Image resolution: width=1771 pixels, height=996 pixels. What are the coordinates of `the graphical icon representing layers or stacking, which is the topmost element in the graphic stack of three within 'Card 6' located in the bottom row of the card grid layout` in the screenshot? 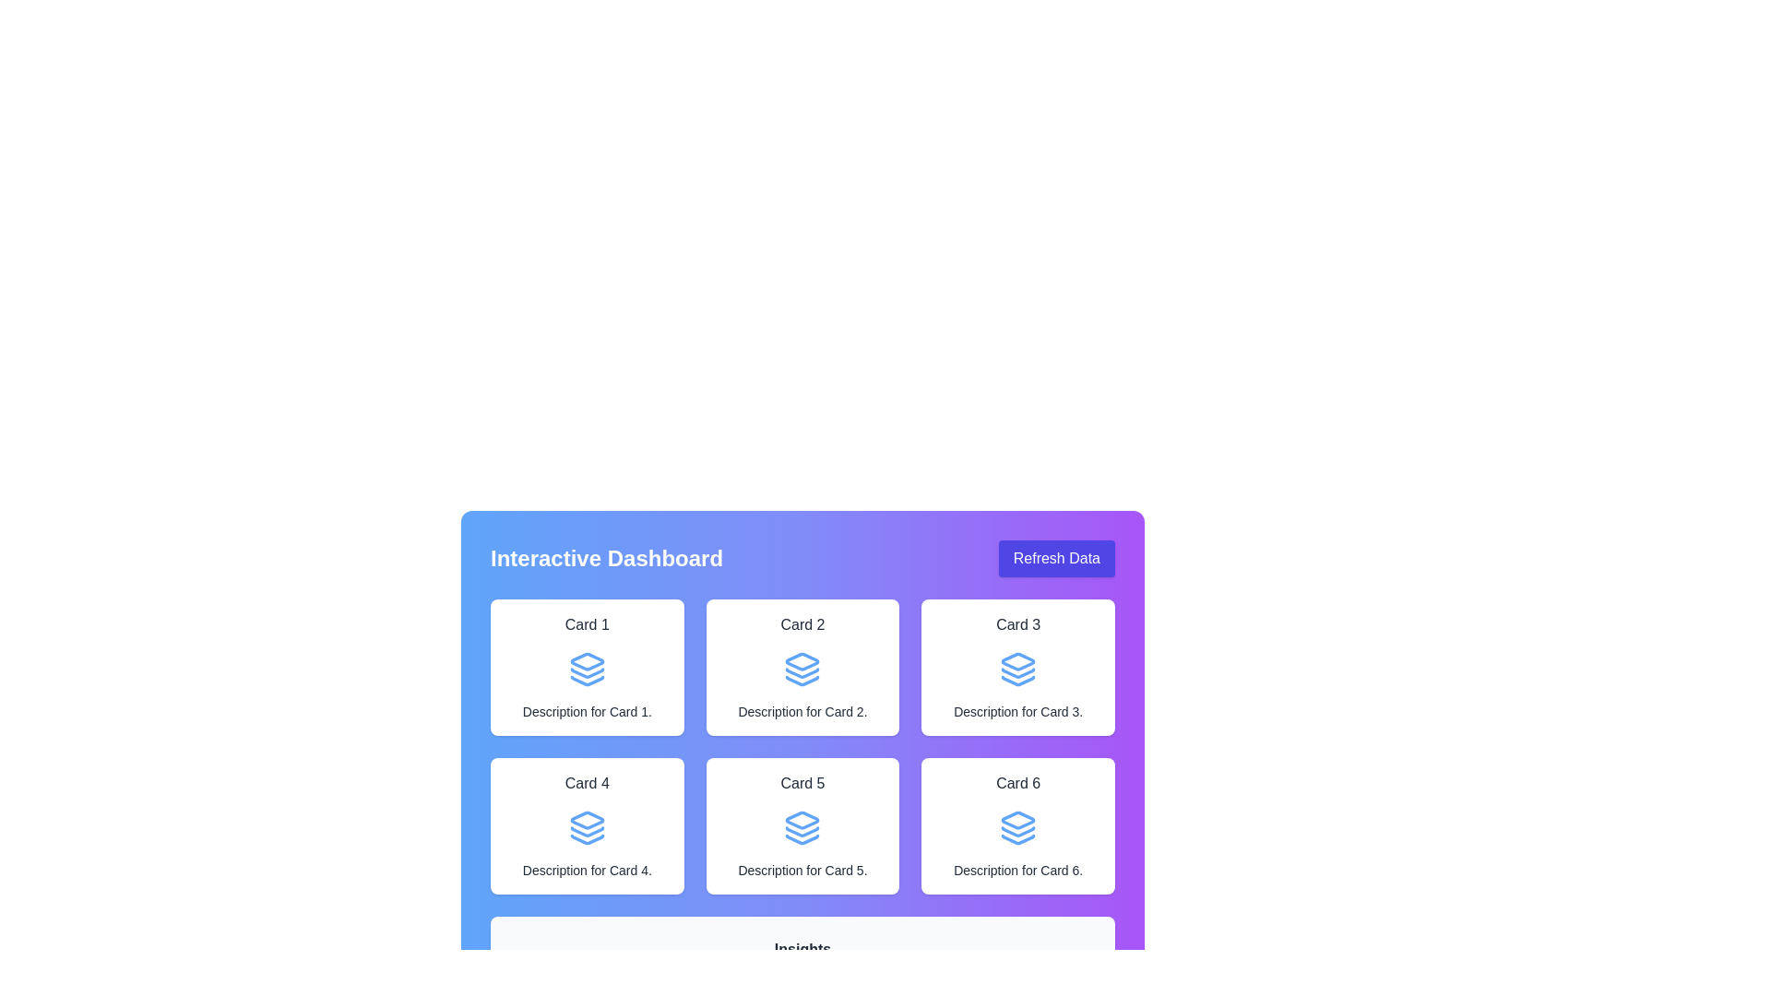 It's located at (1017, 819).